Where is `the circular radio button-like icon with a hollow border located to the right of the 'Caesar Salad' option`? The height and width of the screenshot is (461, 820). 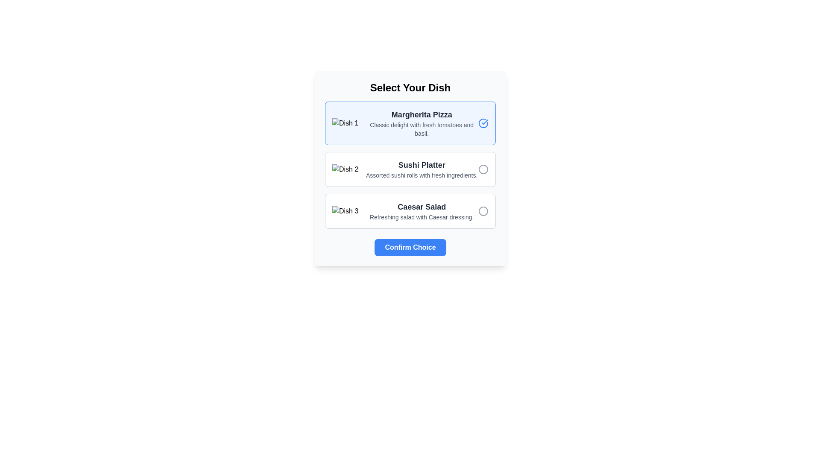
the circular radio button-like icon with a hollow border located to the right of the 'Caesar Salad' option is located at coordinates (483, 211).